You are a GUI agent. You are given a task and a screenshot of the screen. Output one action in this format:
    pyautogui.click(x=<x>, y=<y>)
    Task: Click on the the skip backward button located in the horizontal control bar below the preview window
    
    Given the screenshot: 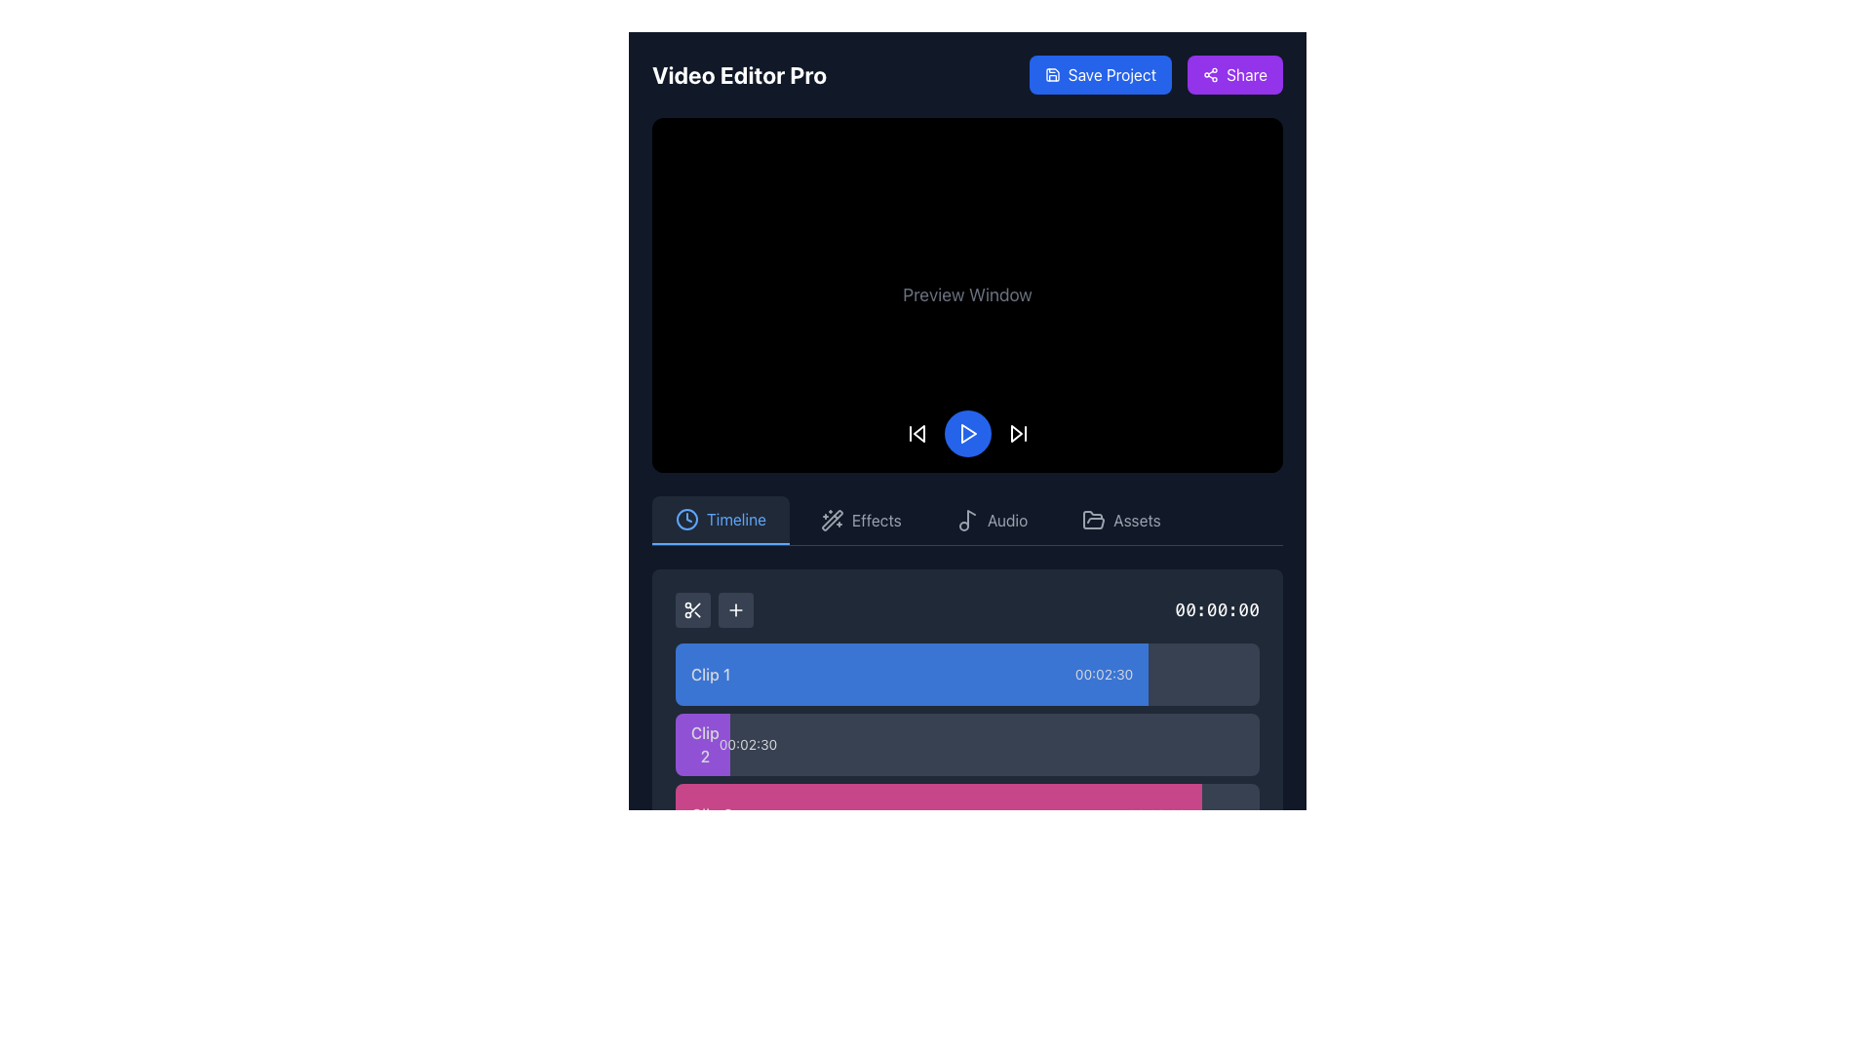 What is the action you would take?
    pyautogui.click(x=916, y=432)
    